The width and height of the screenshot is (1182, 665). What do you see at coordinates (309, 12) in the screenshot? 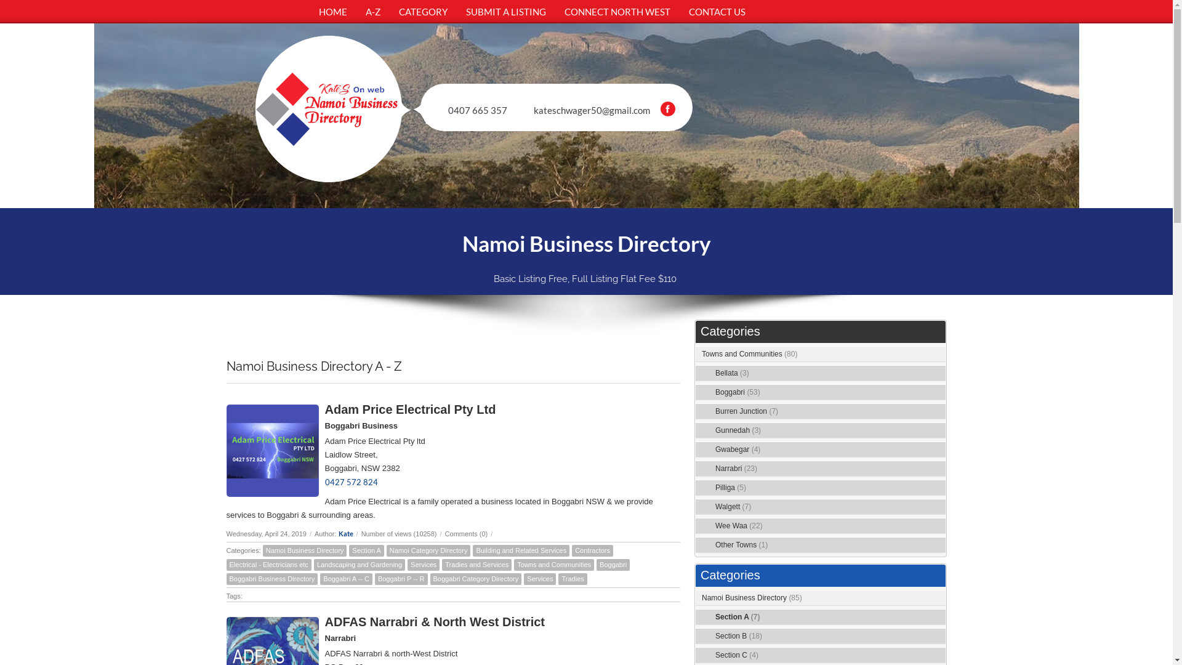
I see `'HOME'` at bounding box center [309, 12].